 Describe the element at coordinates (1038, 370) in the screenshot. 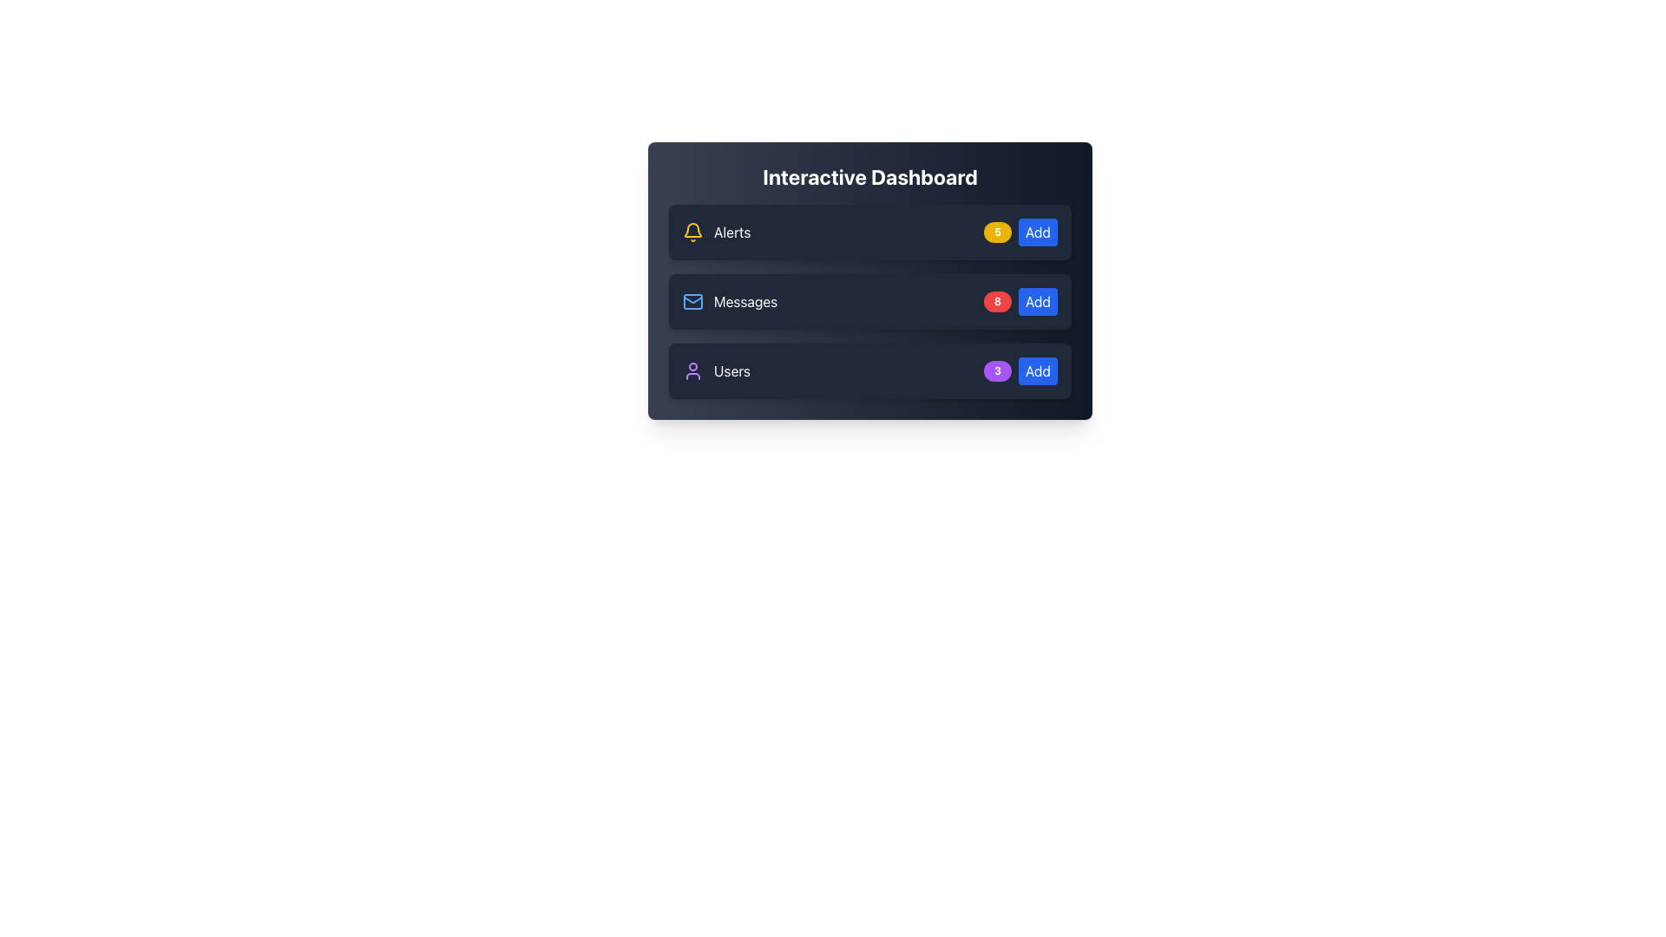

I see `the rectangular button with a blue background and the text 'Add' in white, located to the right of a purple circular label with the number '3'` at that location.